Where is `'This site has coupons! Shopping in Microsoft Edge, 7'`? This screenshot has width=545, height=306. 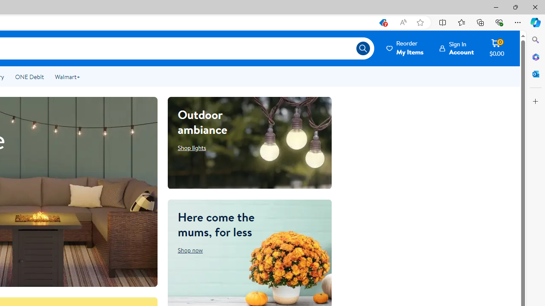
'This site has coupons! Shopping in Microsoft Edge, 7' is located at coordinates (382, 22).